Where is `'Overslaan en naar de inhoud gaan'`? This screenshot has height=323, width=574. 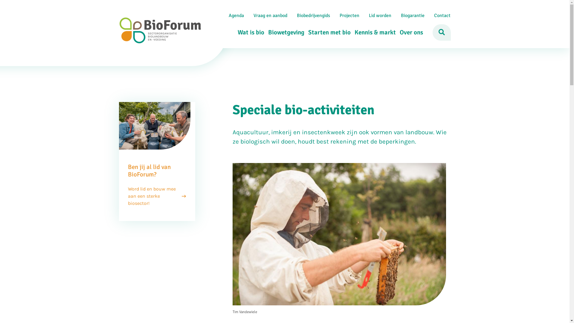 'Overslaan en naar de inhoud gaan' is located at coordinates (284, 0).